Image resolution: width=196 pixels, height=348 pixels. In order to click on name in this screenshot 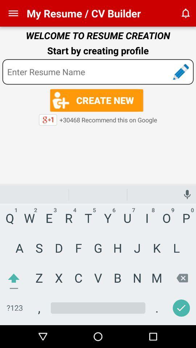, I will do `click(98, 72)`.